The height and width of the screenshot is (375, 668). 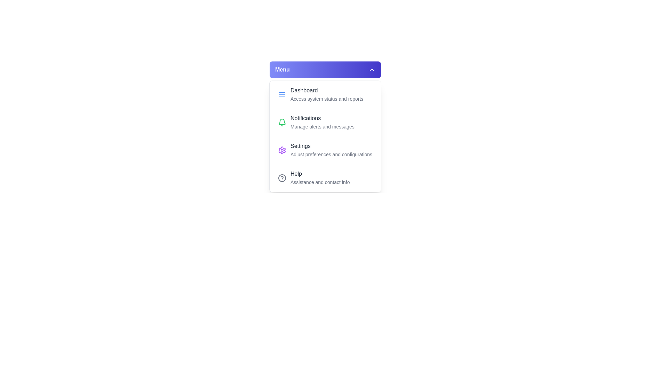 What do you see at coordinates (322, 122) in the screenshot?
I see `the 'Notifications' menu entry, which is a text-based component with a bold title and a notification bell icon` at bounding box center [322, 122].